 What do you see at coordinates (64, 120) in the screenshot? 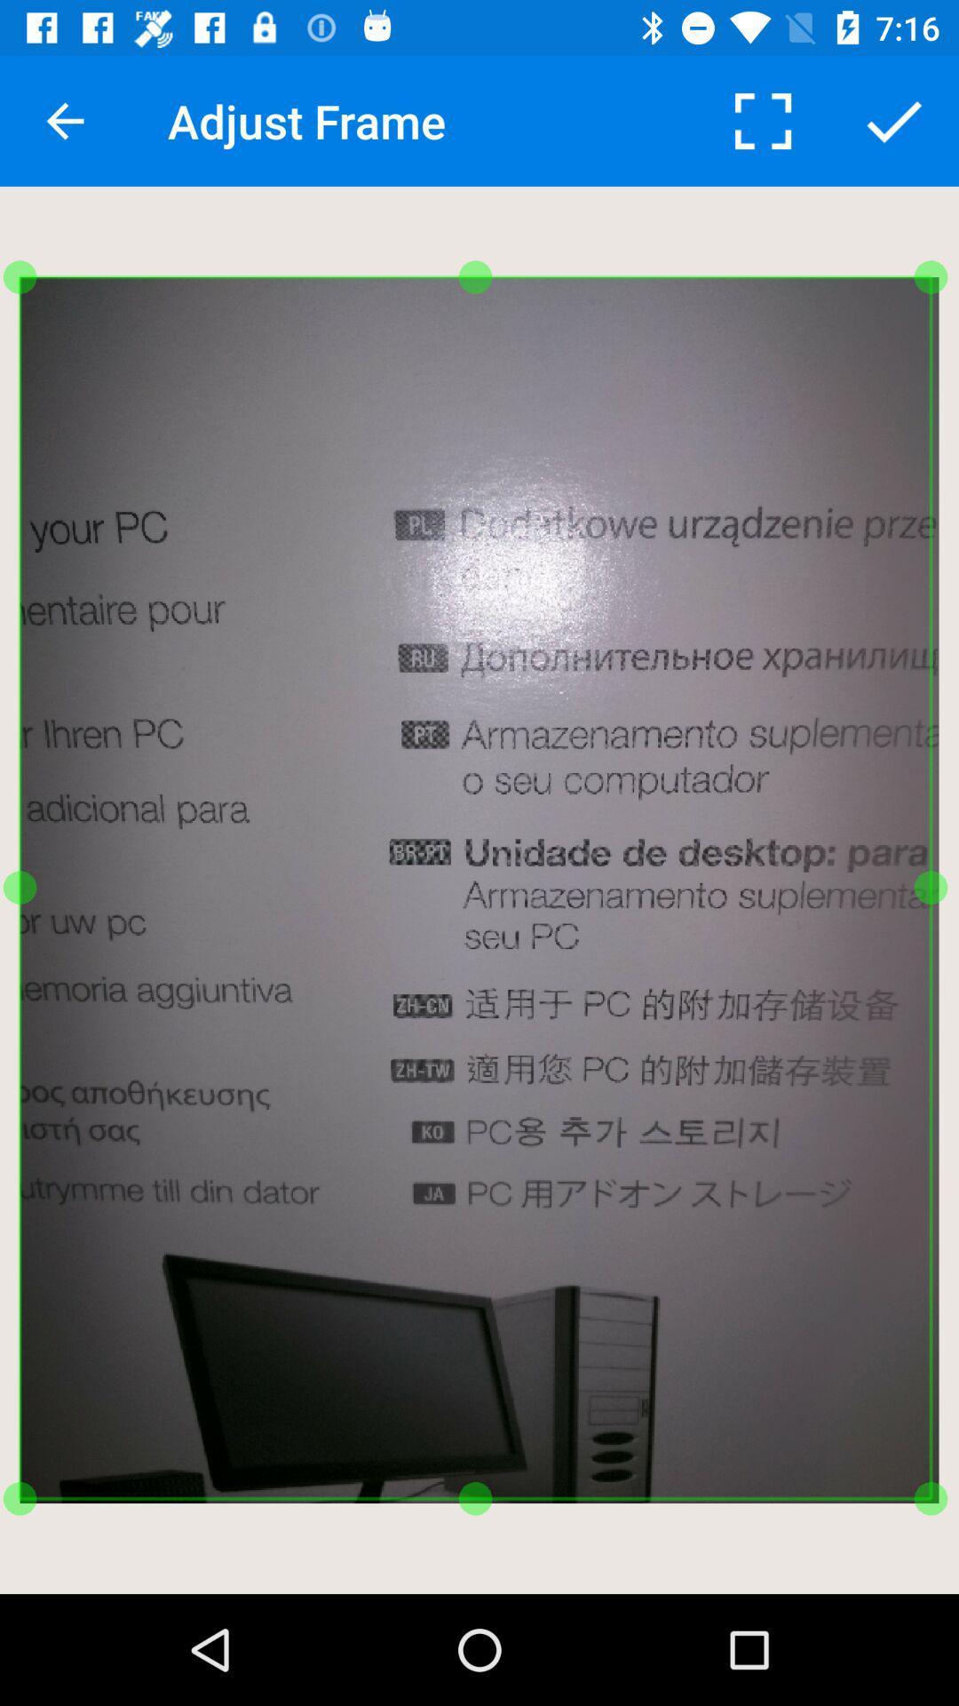
I see `item next to the adjust frame item` at bounding box center [64, 120].